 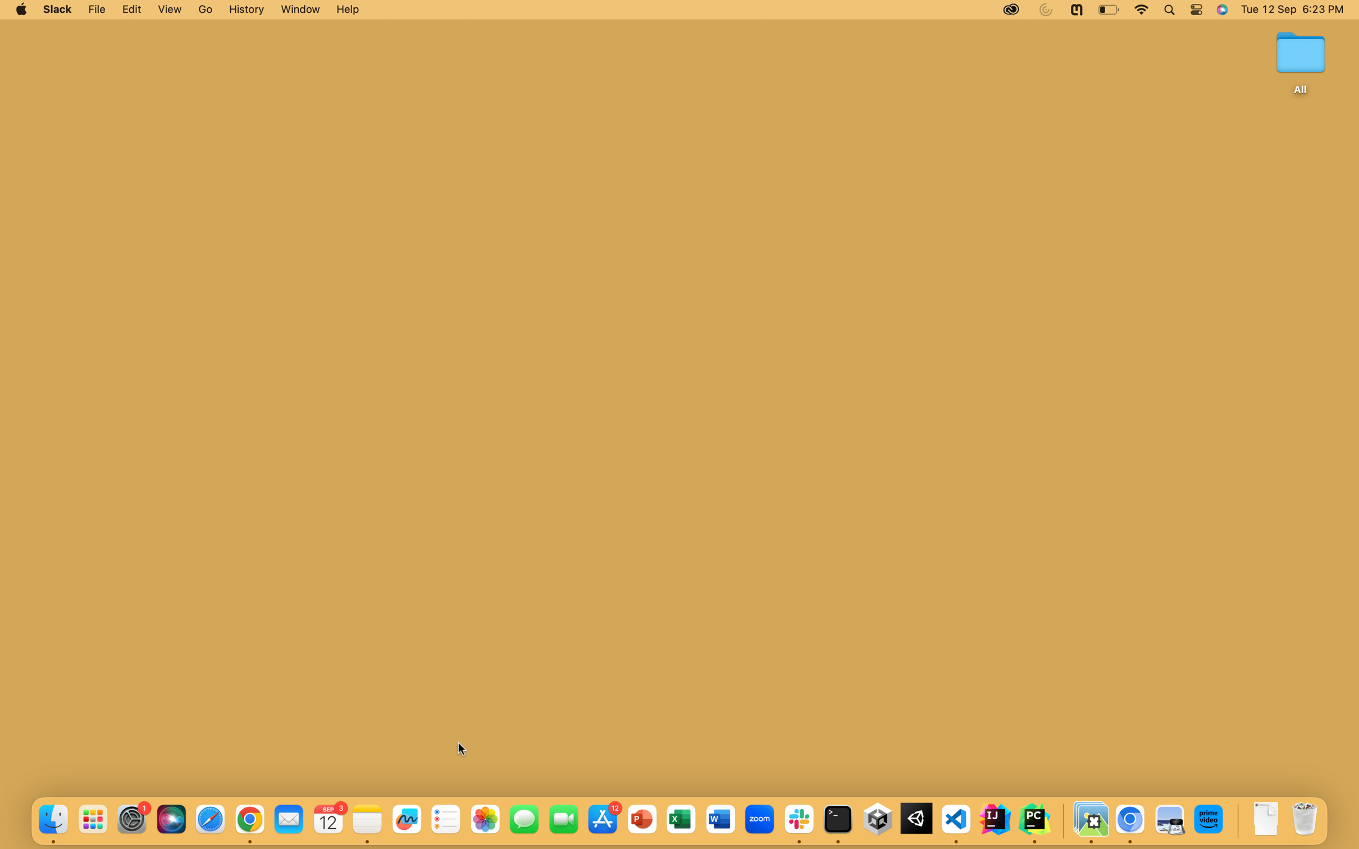 What do you see at coordinates (97, 10) in the screenshot?
I see `the File Options menu` at bounding box center [97, 10].